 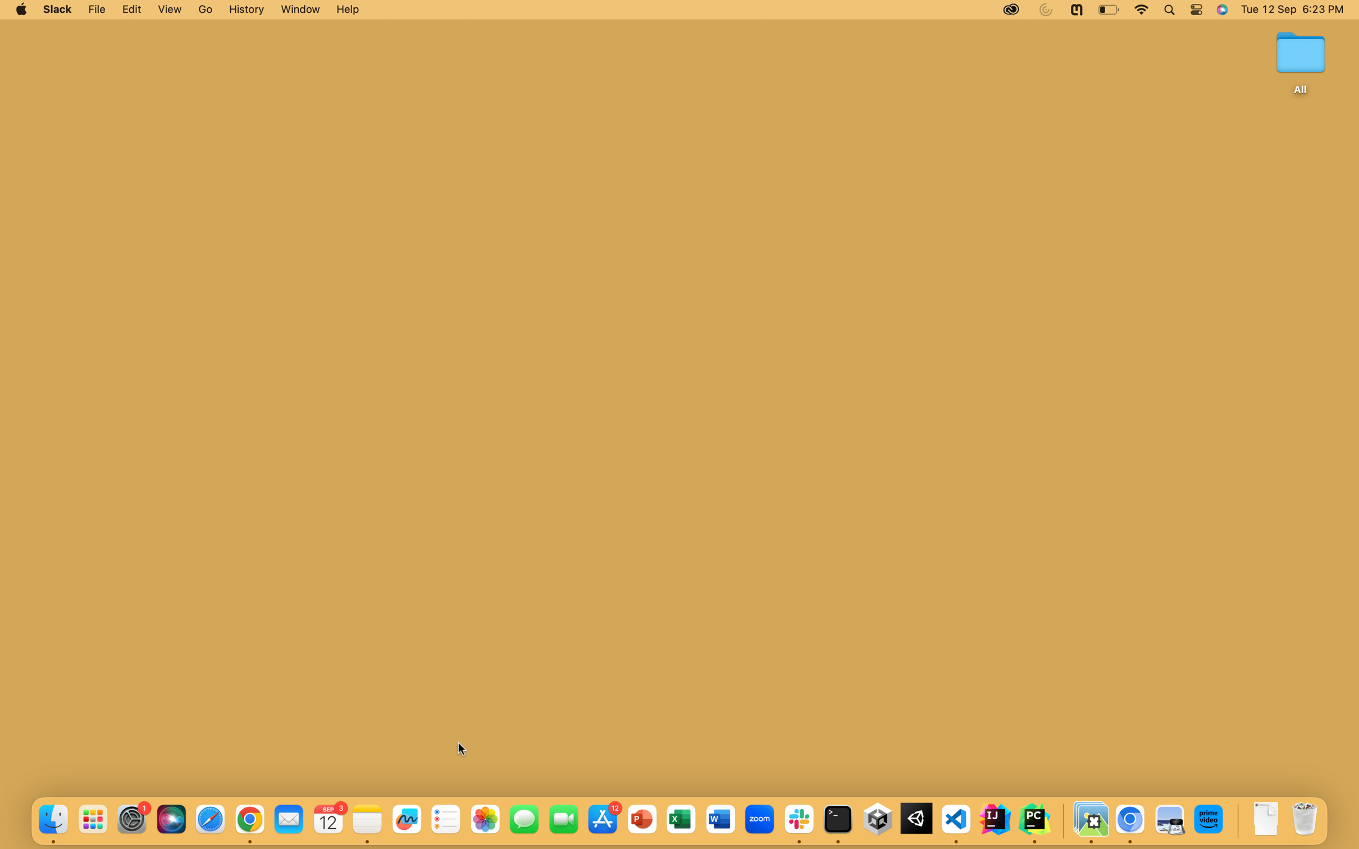 What do you see at coordinates (97, 10) in the screenshot?
I see `the File Options menu` at bounding box center [97, 10].